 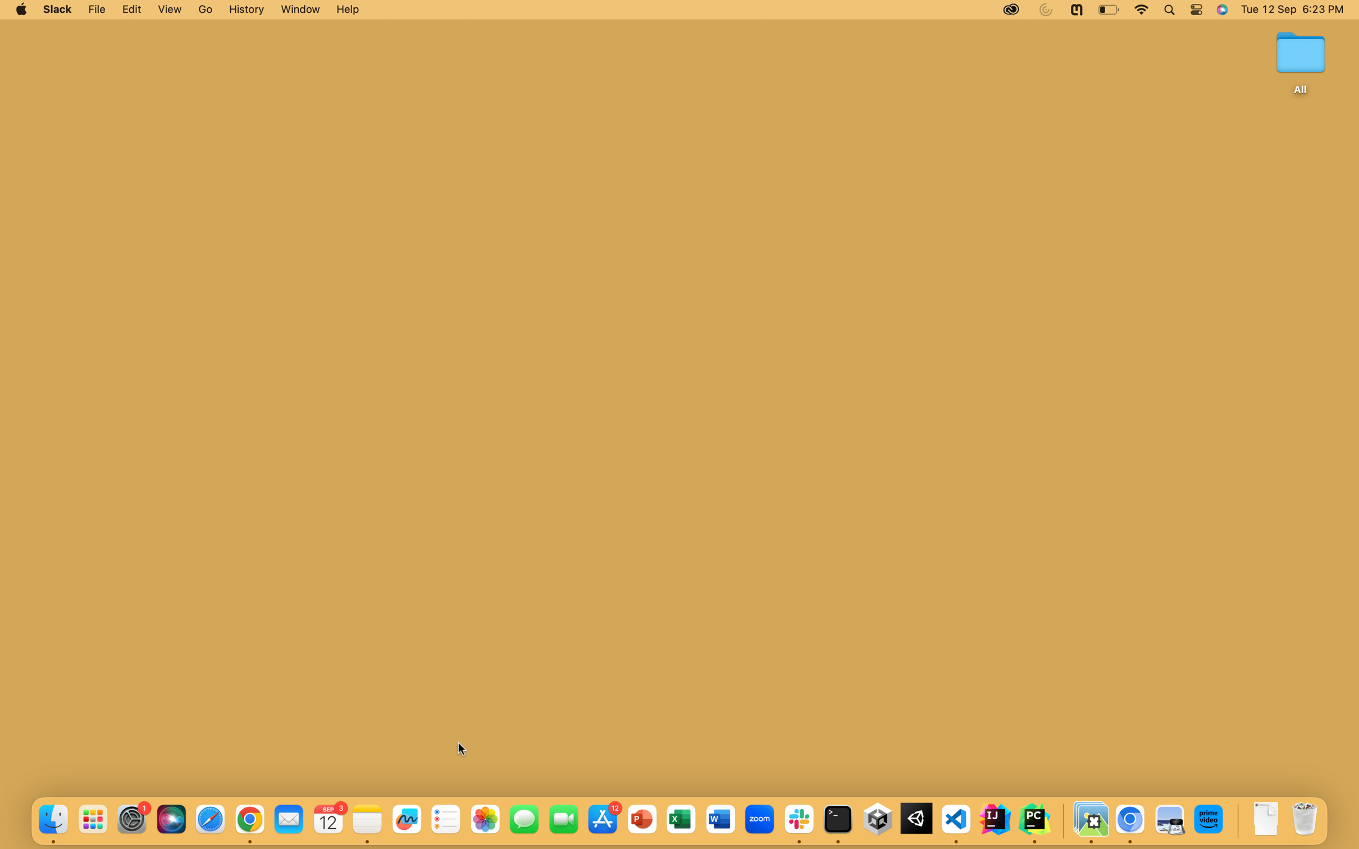 What do you see at coordinates (97, 10) in the screenshot?
I see `the File Options menu` at bounding box center [97, 10].